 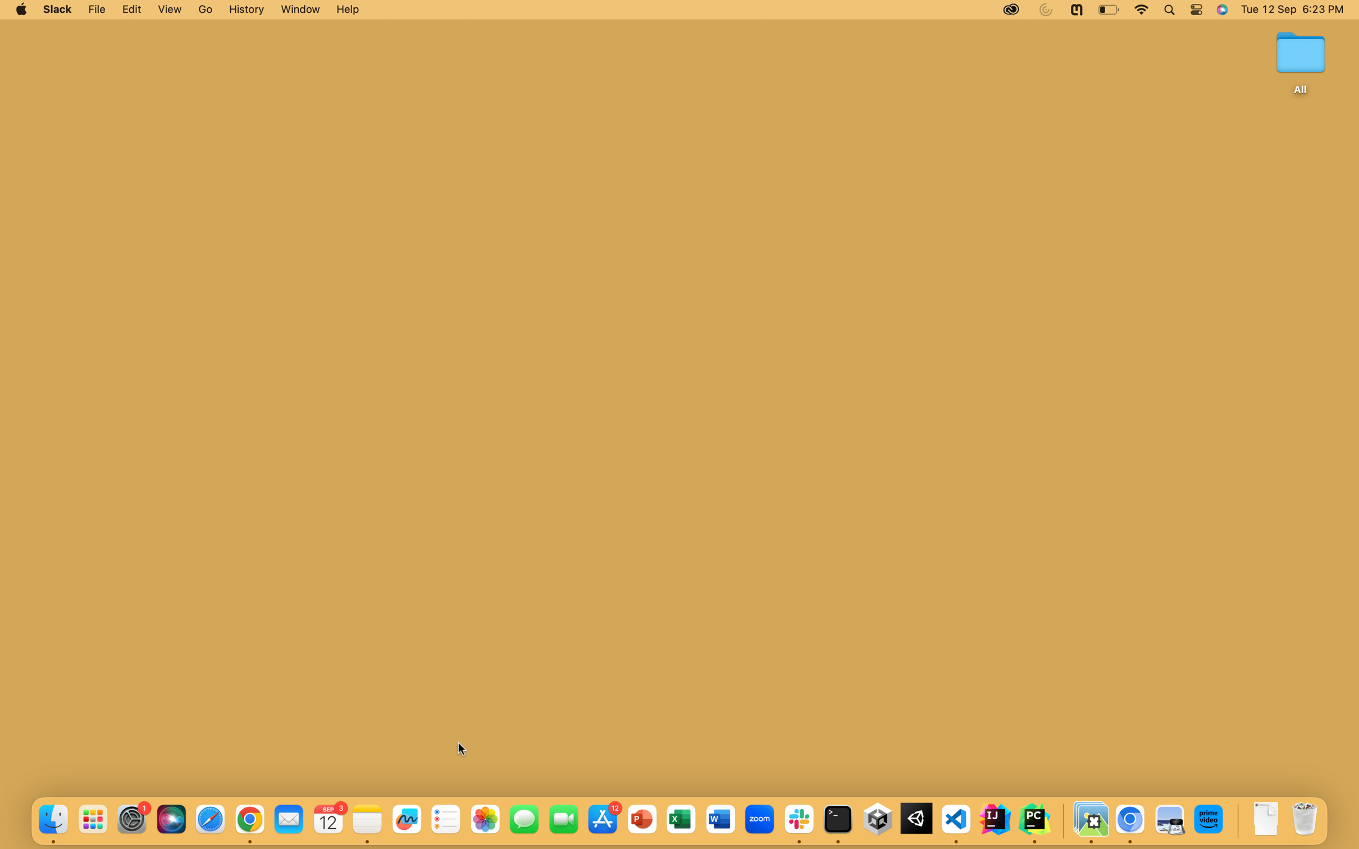 What do you see at coordinates (97, 10) in the screenshot?
I see `the File Options menu` at bounding box center [97, 10].